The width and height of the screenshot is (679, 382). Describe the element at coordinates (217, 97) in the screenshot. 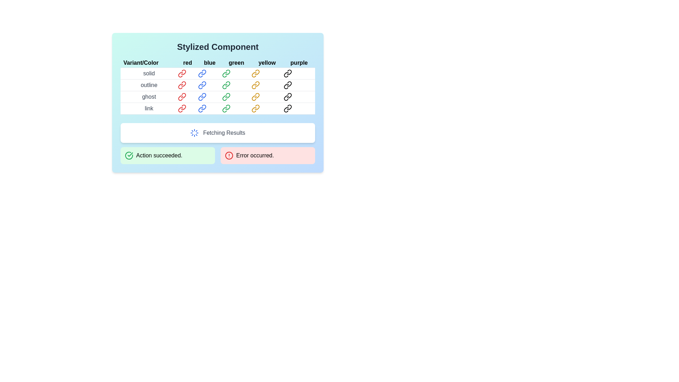

I see `the colored links labeled 'red', 'blue', 'green', 'yellow', and 'purple' in the third row titled 'ghost' under the main section 'Variant/Color'` at that location.